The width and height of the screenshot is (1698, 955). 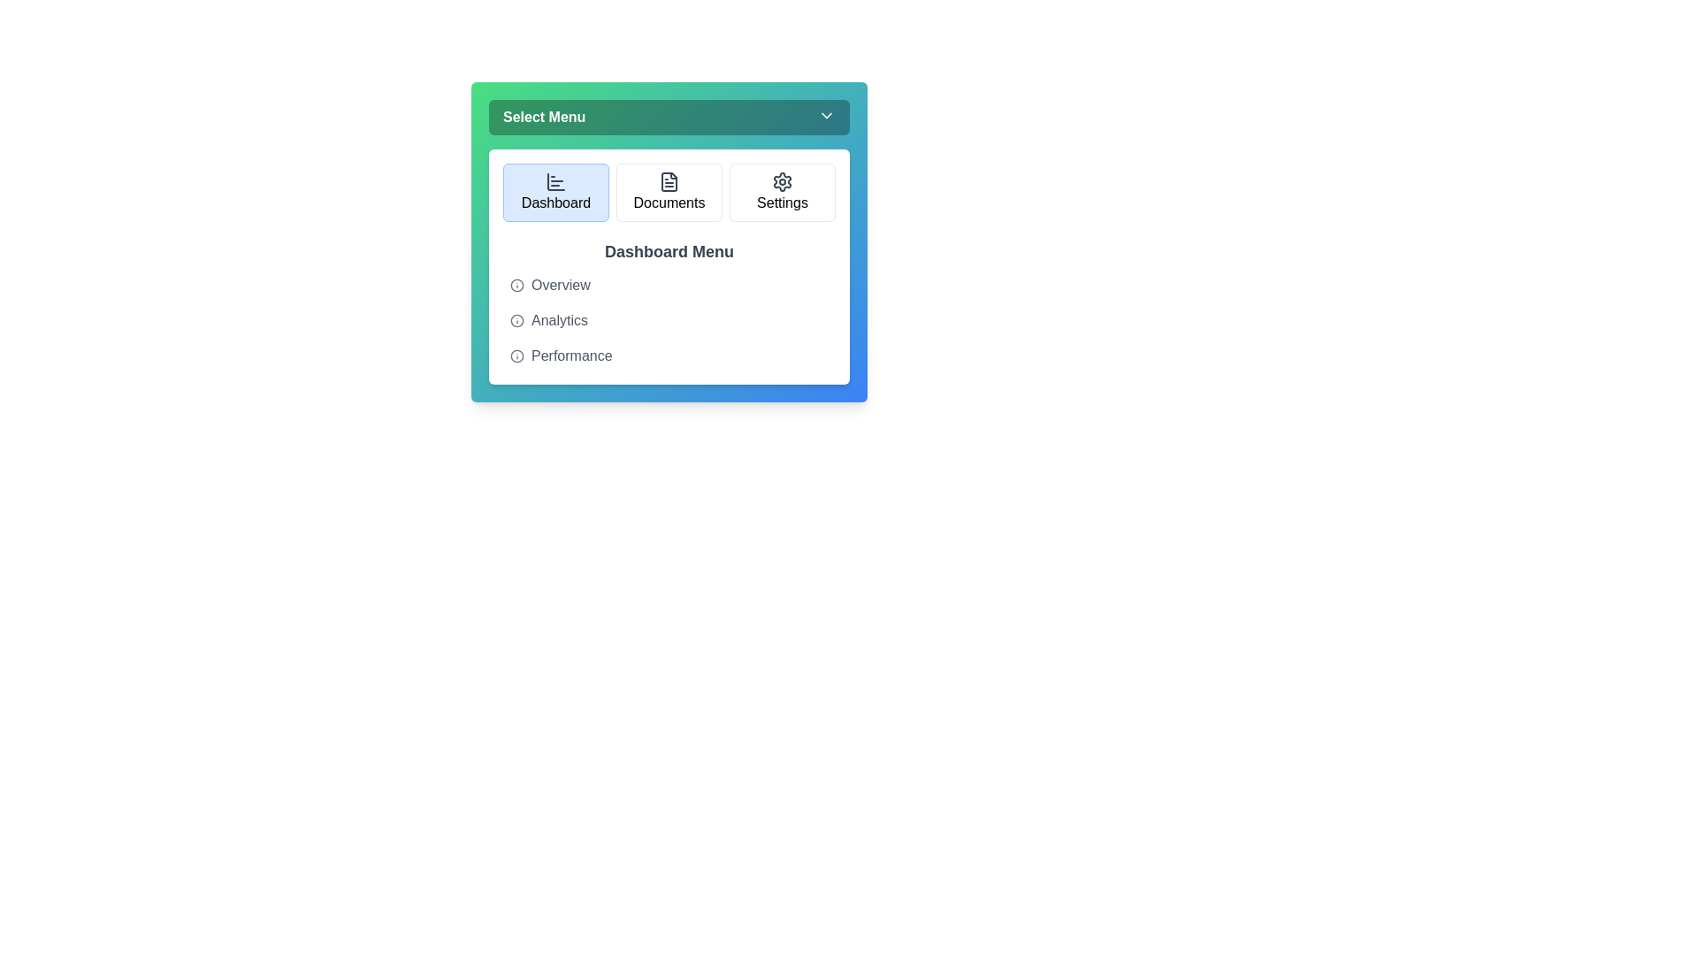 I want to click on the Dropdown indicator icon located at the far right end of the green header bar labeled 'Select Menu', so click(x=826, y=116).